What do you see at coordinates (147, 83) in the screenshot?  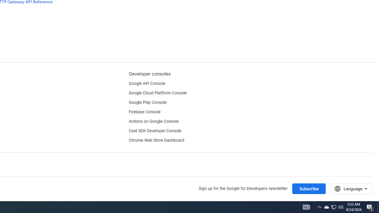 I see `'Google API Console'` at bounding box center [147, 83].